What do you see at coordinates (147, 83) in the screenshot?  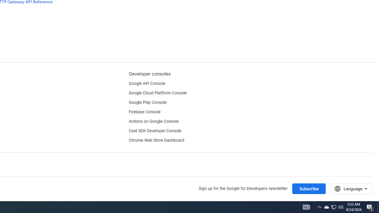 I see `'Google API Console'` at bounding box center [147, 83].